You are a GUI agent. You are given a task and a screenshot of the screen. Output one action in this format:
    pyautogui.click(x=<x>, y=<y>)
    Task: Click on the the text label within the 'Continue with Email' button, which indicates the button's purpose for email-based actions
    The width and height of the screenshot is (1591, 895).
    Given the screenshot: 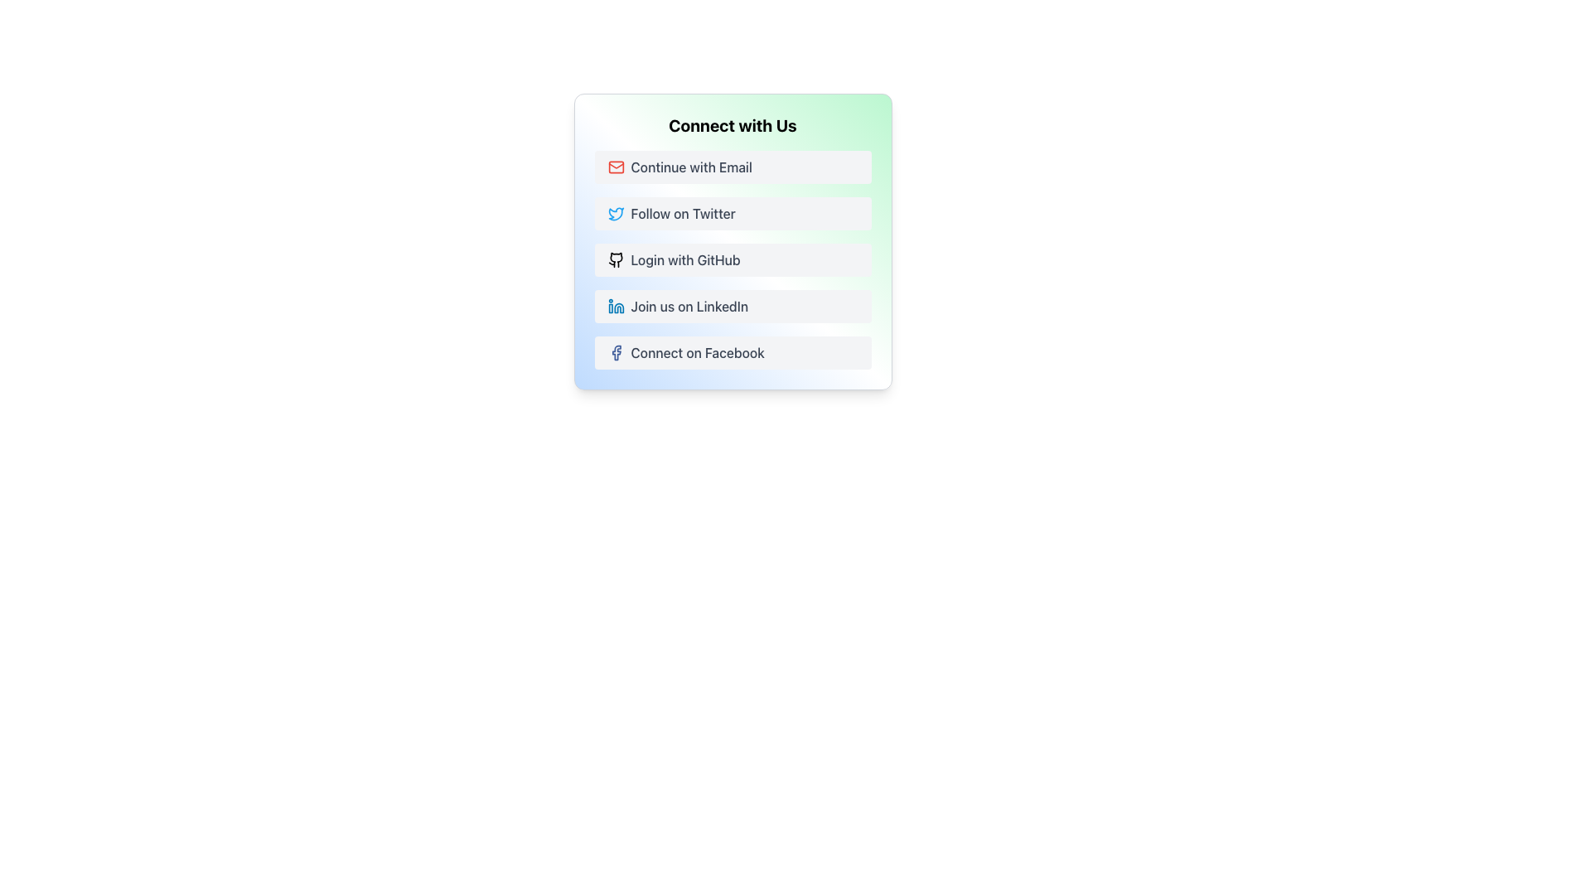 What is the action you would take?
    pyautogui.click(x=691, y=167)
    